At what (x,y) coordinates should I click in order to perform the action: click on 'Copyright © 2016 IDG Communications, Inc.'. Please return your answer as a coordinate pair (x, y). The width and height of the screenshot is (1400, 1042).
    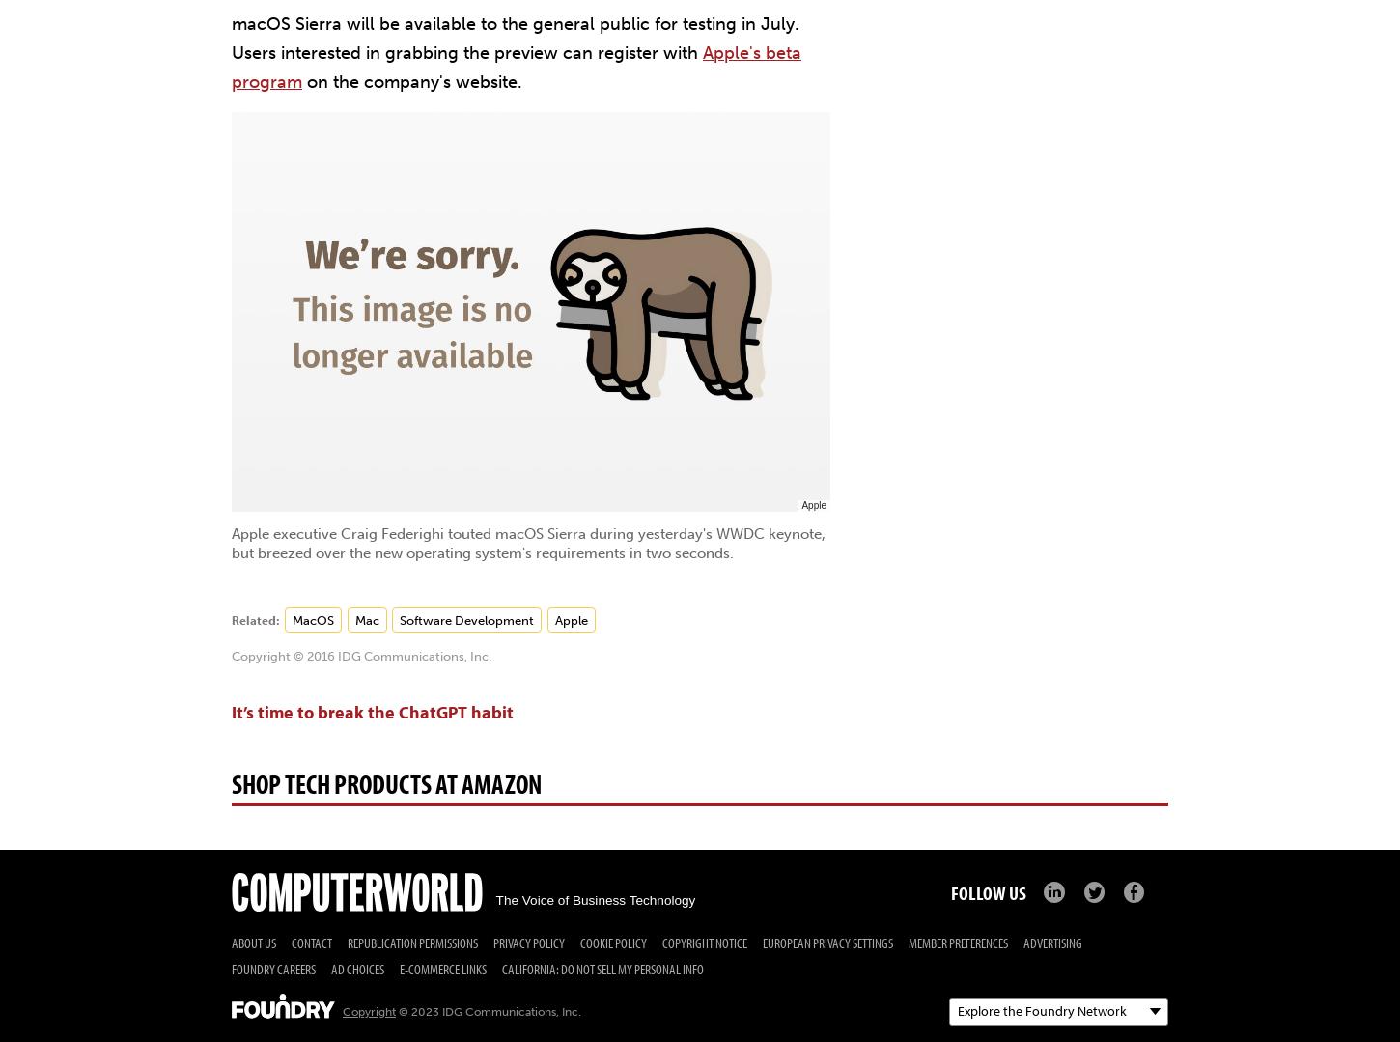
    Looking at the image, I should click on (360, 656).